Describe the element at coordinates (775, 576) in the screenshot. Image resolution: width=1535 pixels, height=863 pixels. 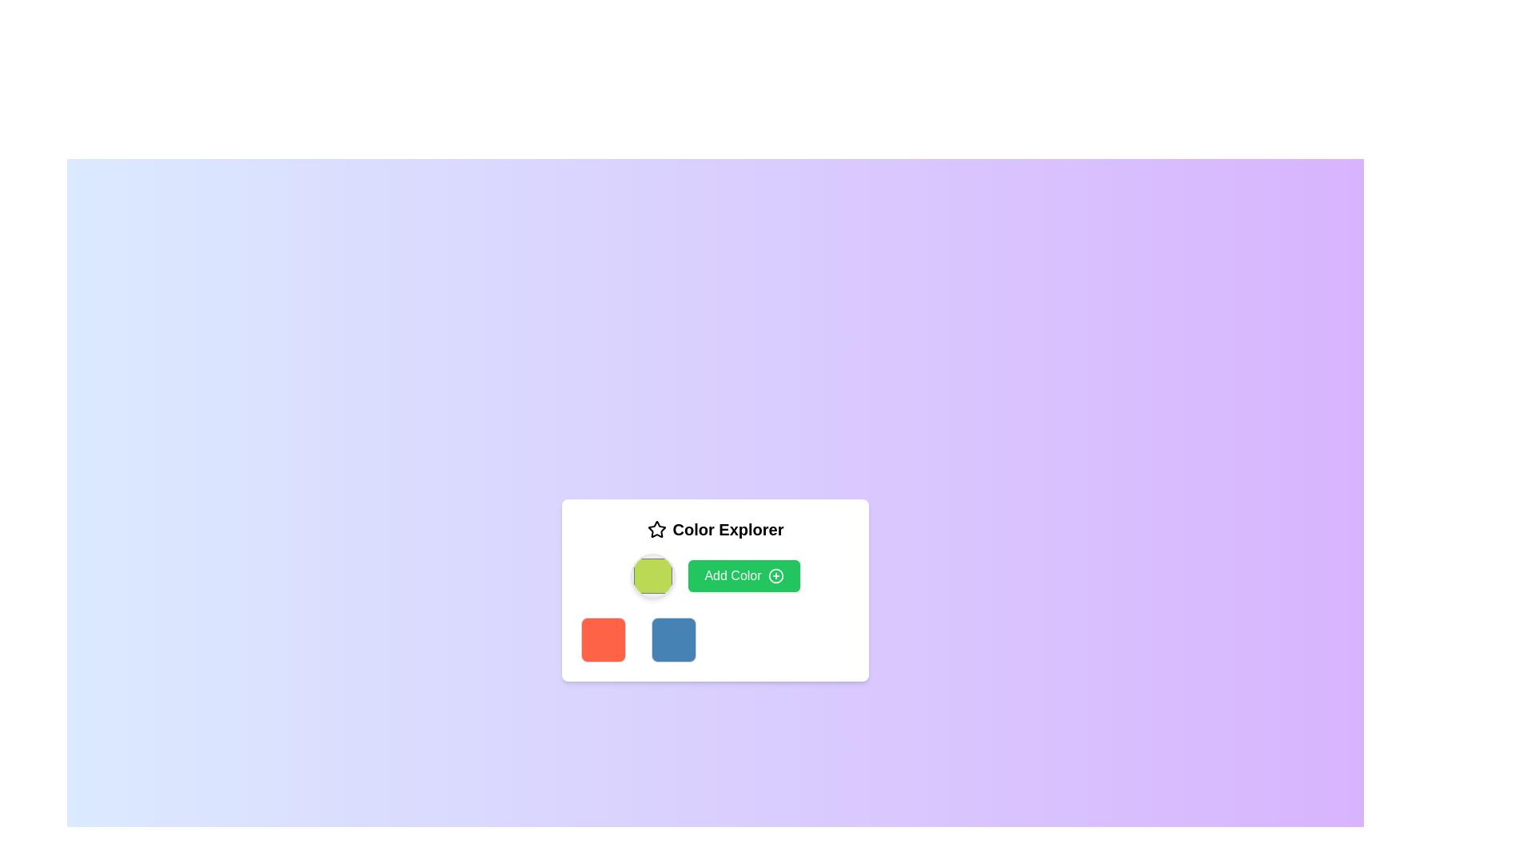
I see `the icon inside the 'Add Color' button, which is a green button located under the 'Color Explorer' heading` at that location.